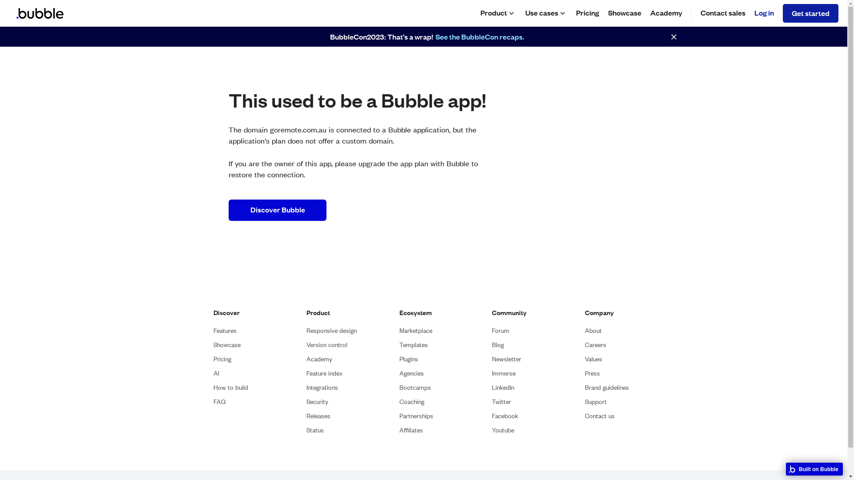 Image resolution: width=854 pixels, height=480 pixels. What do you see at coordinates (315, 429) in the screenshot?
I see `'Status'` at bounding box center [315, 429].